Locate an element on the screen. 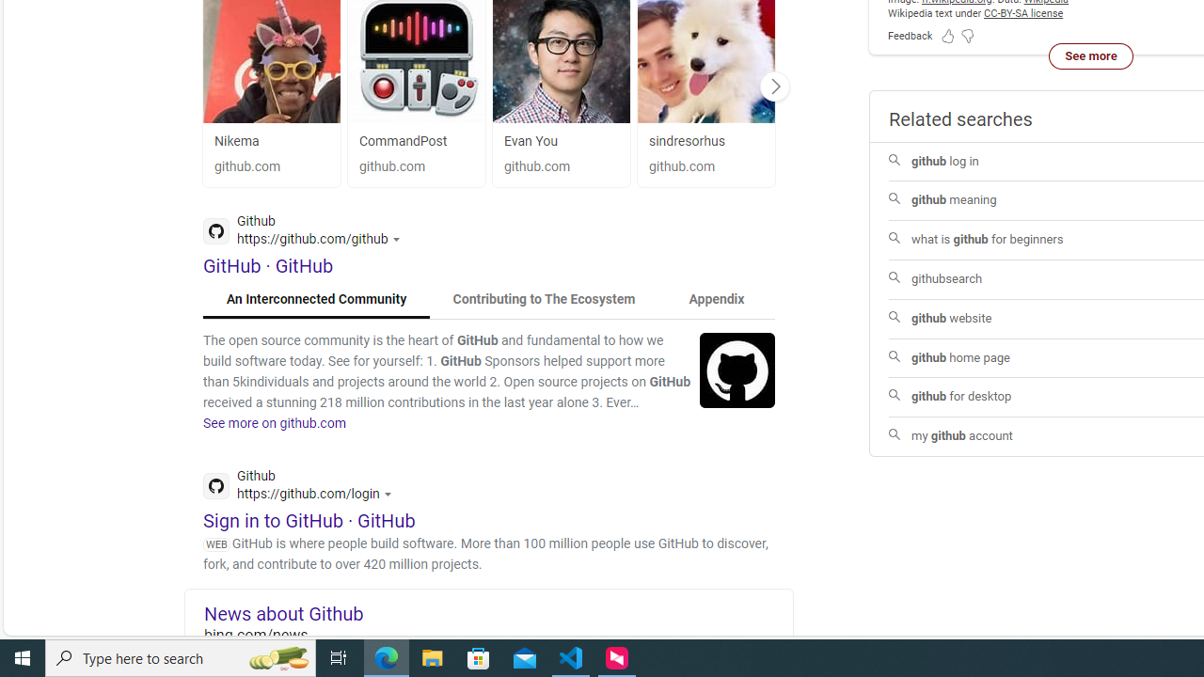  'CC-BY-SA license' is located at coordinates (1022, 13).